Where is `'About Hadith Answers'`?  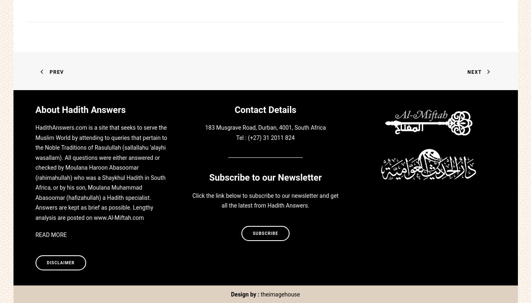
'About Hadith Answers' is located at coordinates (80, 110).